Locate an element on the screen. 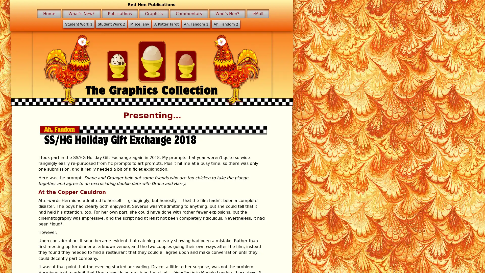  Student Work 2 is located at coordinates (111, 24).